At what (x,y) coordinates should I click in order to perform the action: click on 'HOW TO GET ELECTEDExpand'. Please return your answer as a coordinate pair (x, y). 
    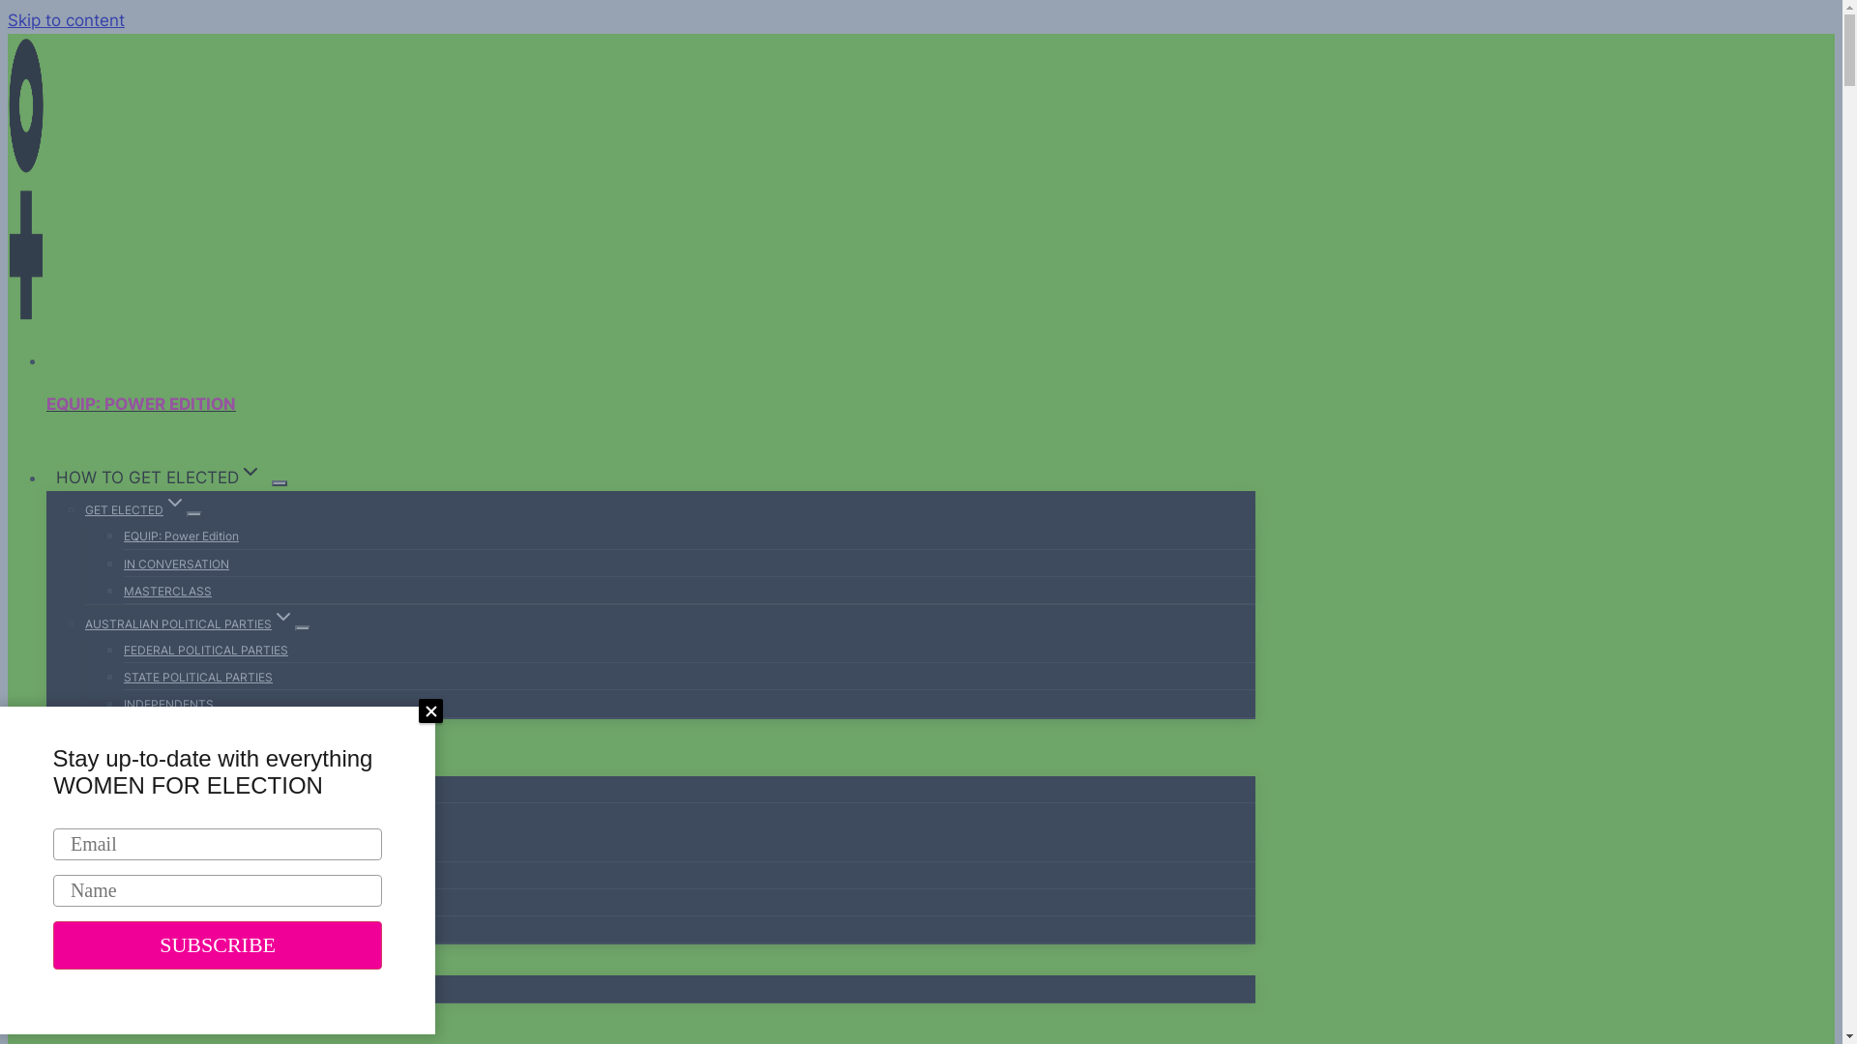
    Looking at the image, I should click on (46, 477).